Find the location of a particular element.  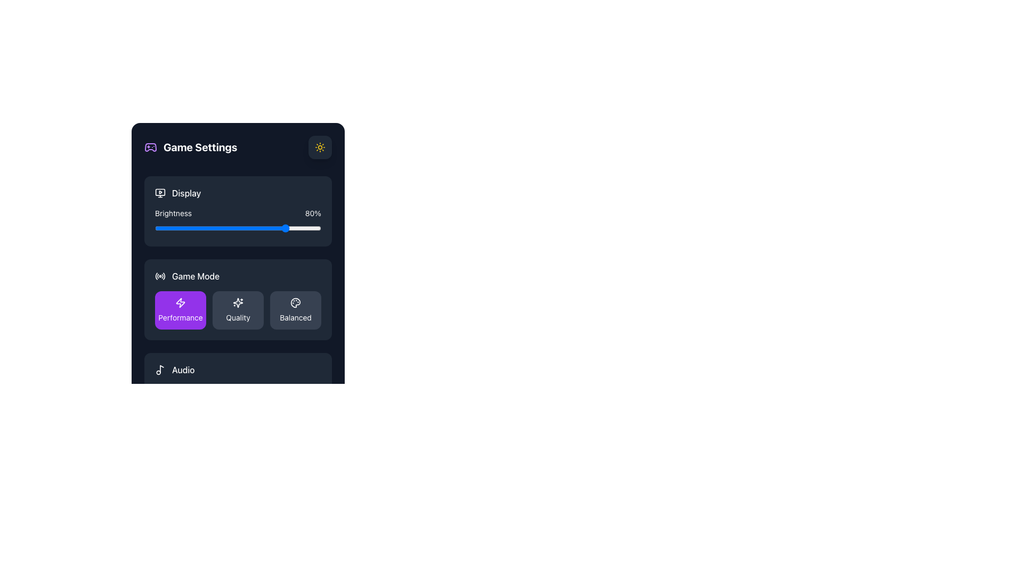

brightness level is located at coordinates (244, 227).